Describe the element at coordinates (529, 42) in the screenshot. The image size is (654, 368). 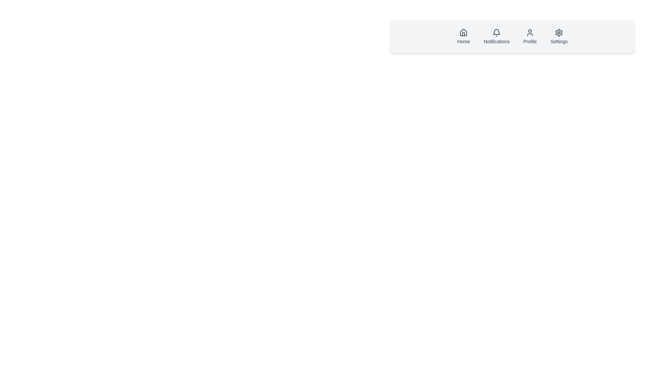
I see `the 'Profile' section by clicking on the label located below the user icon in the fourth navigation item of the horizontal navigation bar at the top-center of the page` at that location.